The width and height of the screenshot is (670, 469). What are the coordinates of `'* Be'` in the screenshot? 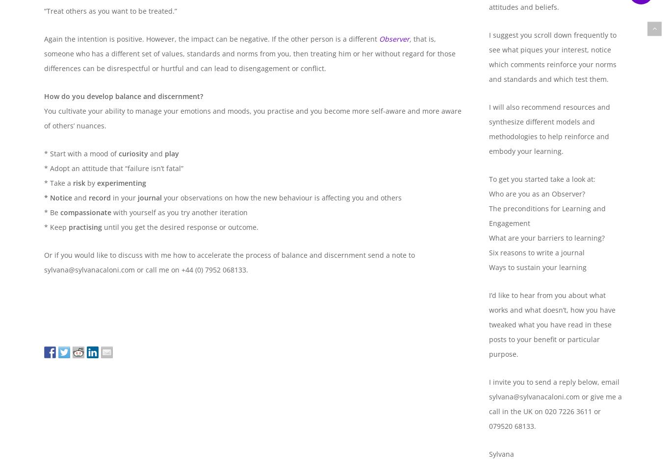 It's located at (44, 212).